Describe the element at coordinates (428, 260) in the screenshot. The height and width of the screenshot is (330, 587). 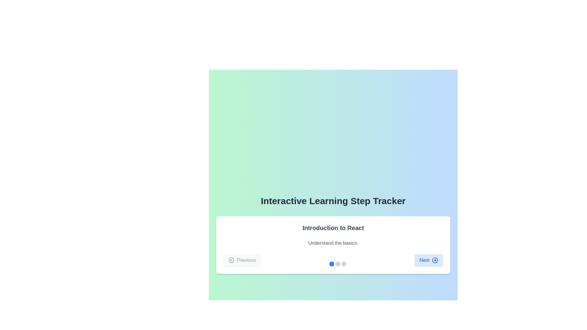
I see `the 'Next' button with keyboard navigation` at that location.